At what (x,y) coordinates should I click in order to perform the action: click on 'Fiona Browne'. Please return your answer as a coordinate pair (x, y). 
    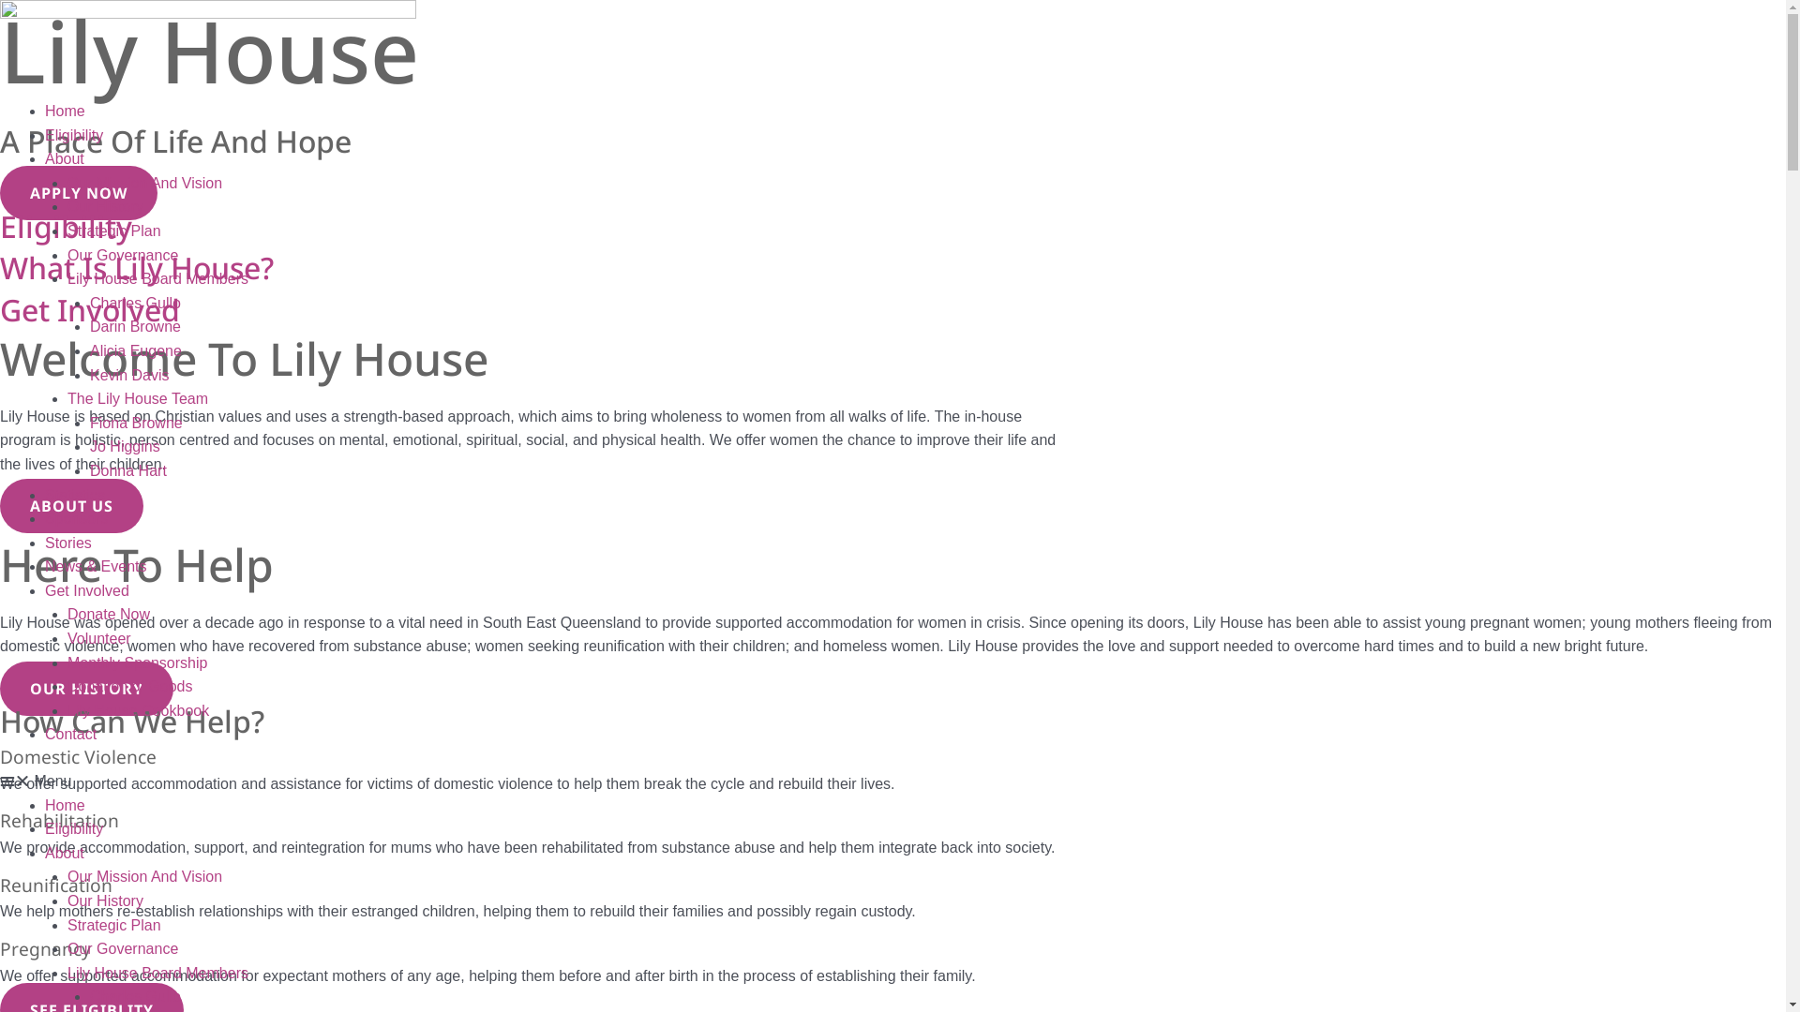
    Looking at the image, I should click on (89, 423).